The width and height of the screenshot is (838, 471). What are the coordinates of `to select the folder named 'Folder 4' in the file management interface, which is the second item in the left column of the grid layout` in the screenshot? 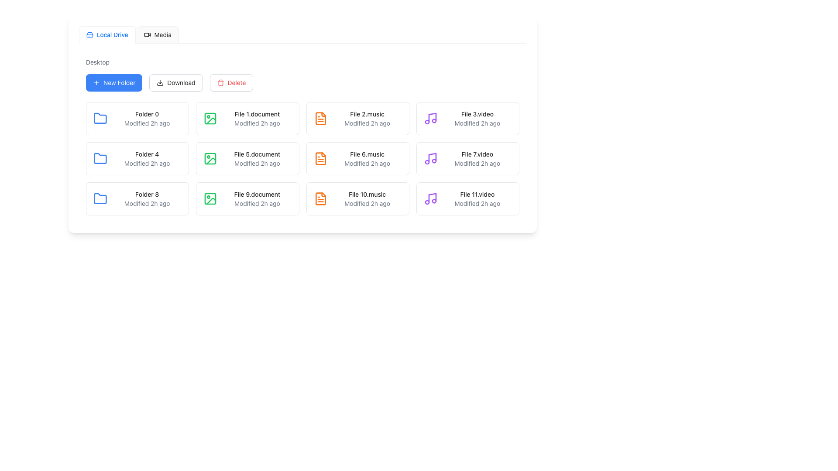 It's located at (137, 158).